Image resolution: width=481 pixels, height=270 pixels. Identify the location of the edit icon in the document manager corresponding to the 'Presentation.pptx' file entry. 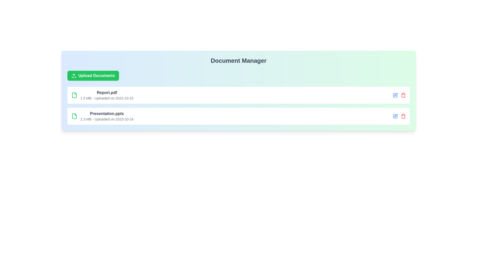
(395, 115).